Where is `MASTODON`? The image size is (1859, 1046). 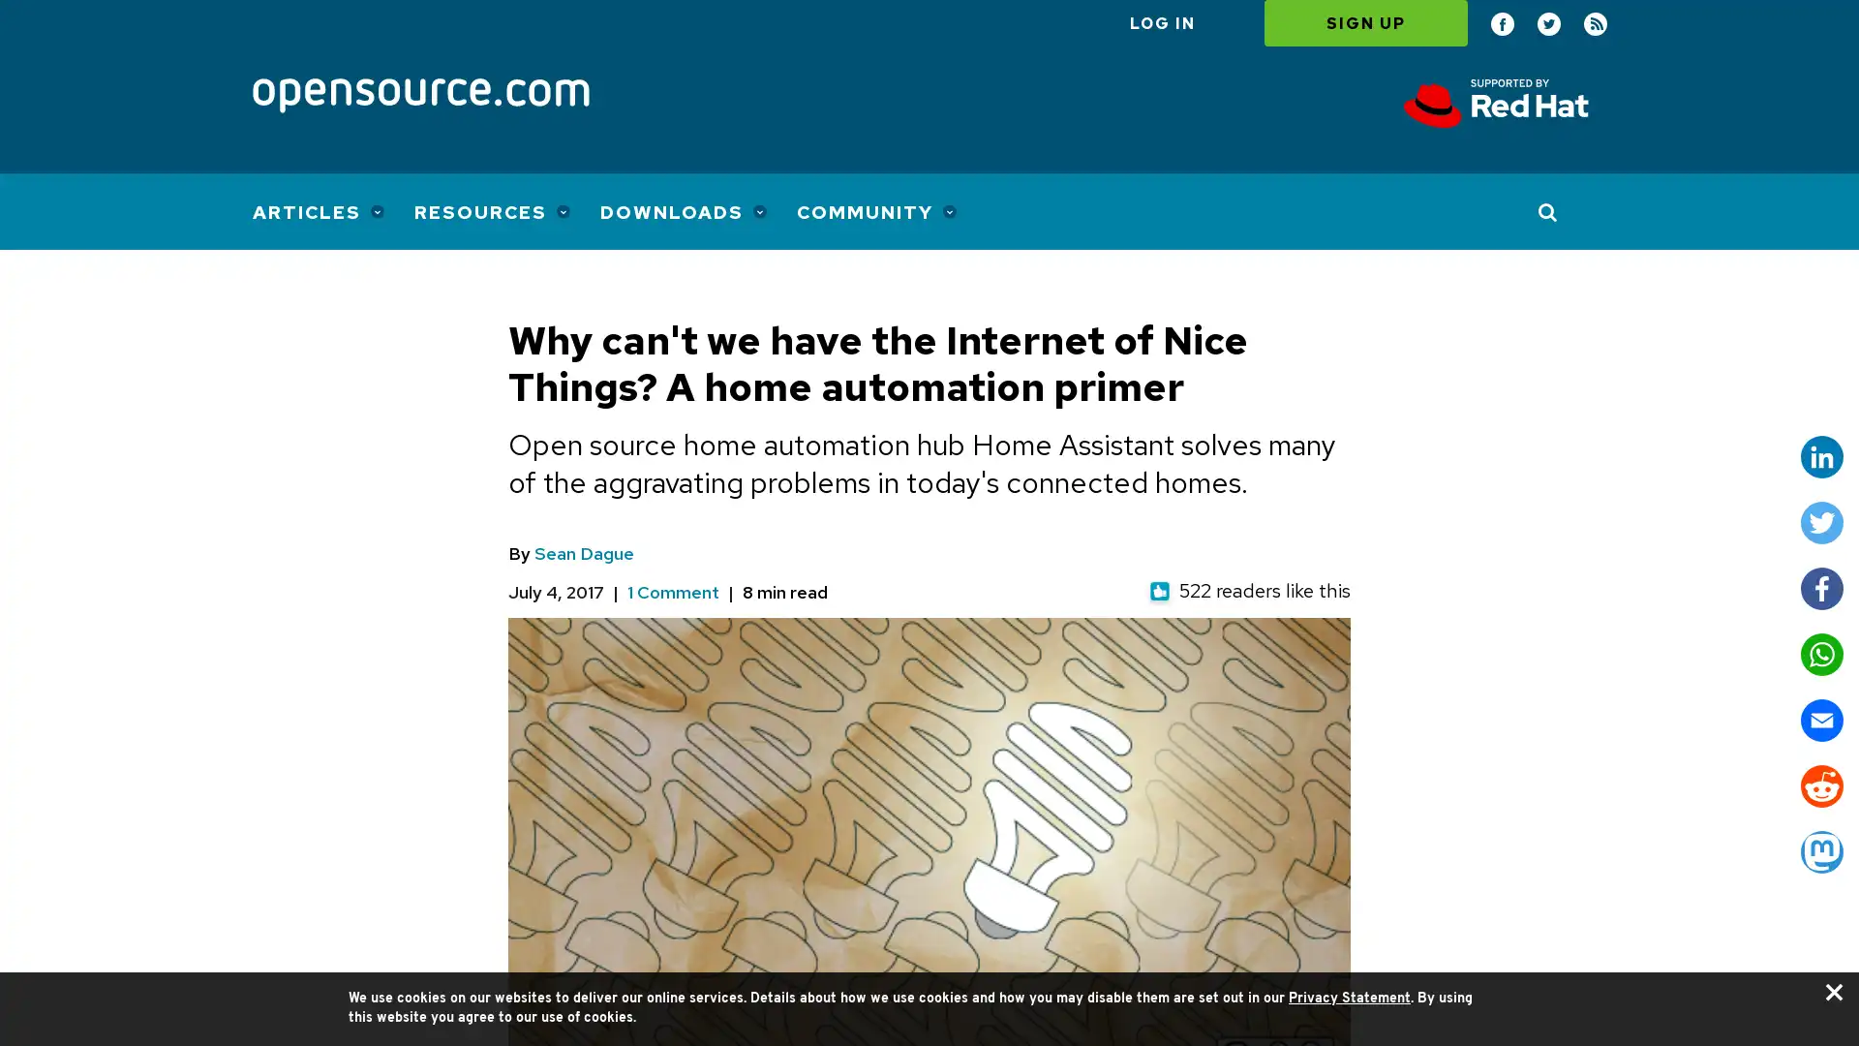
MASTODON is located at coordinates (1820, 850).